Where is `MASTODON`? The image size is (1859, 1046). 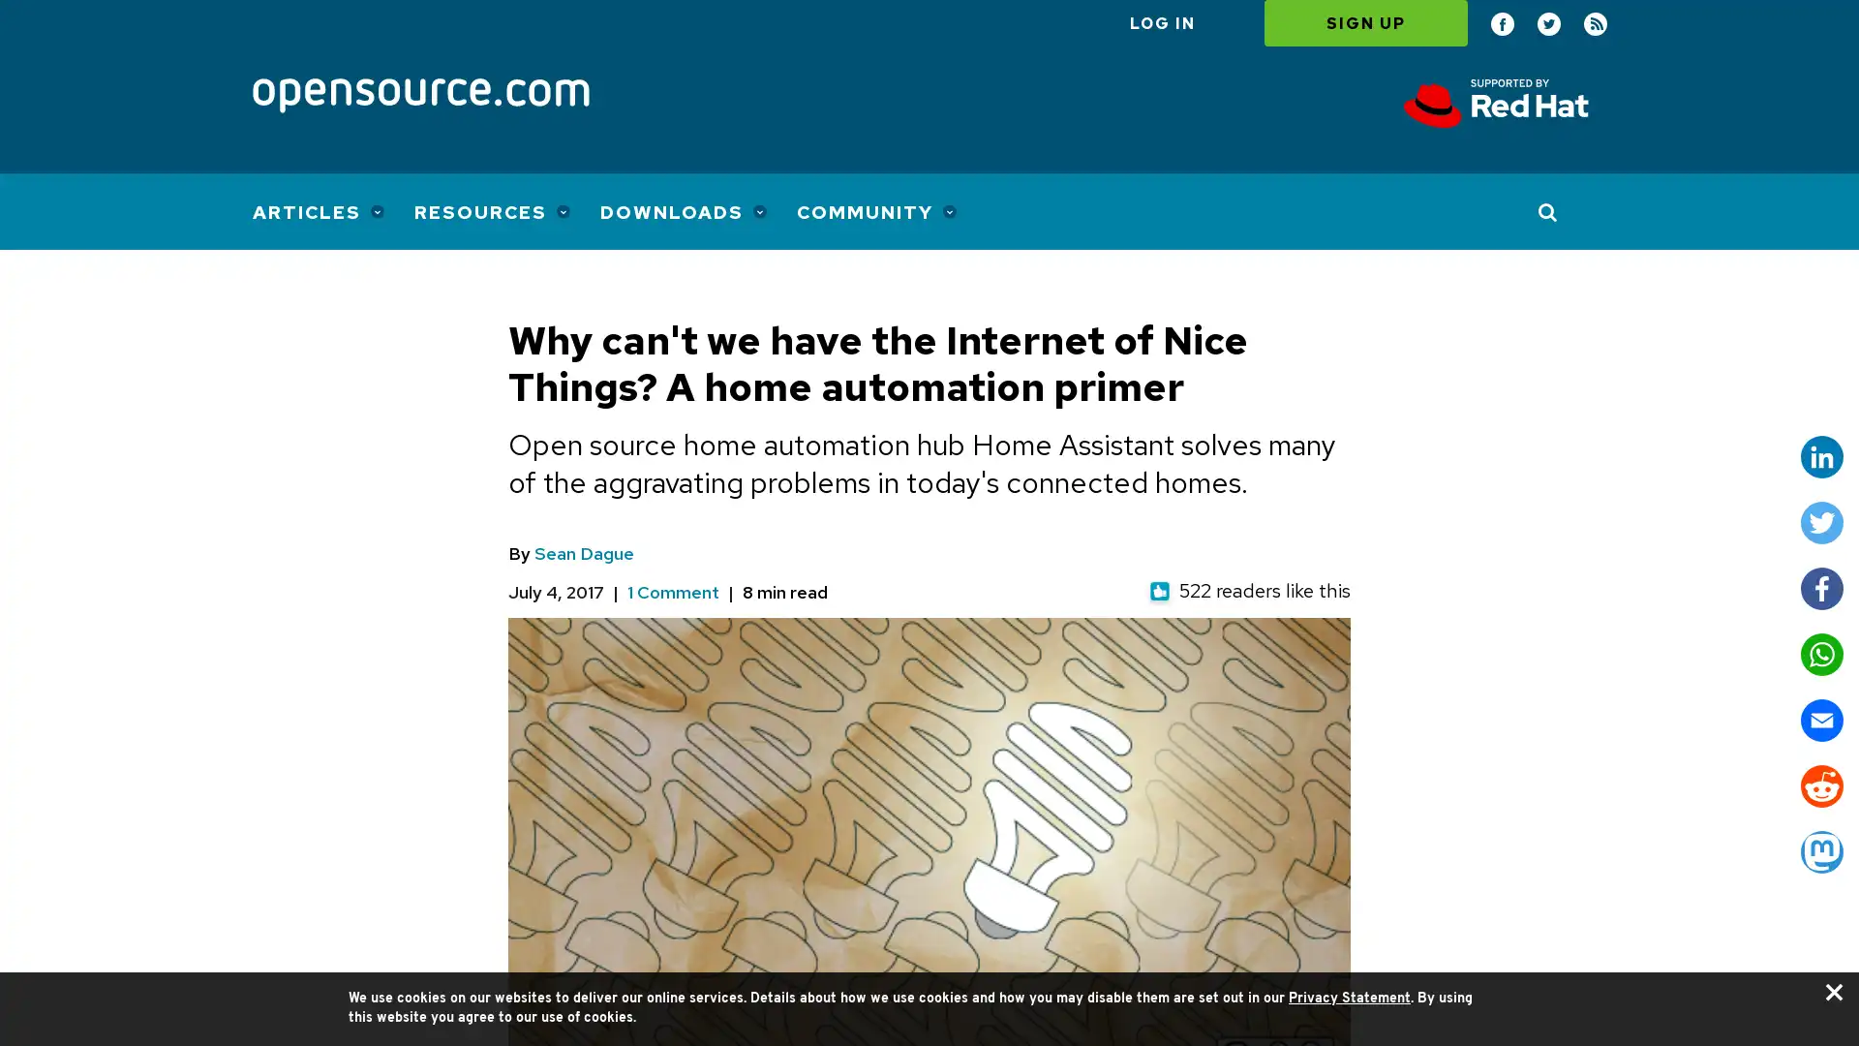
MASTODON is located at coordinates (1820, 850).